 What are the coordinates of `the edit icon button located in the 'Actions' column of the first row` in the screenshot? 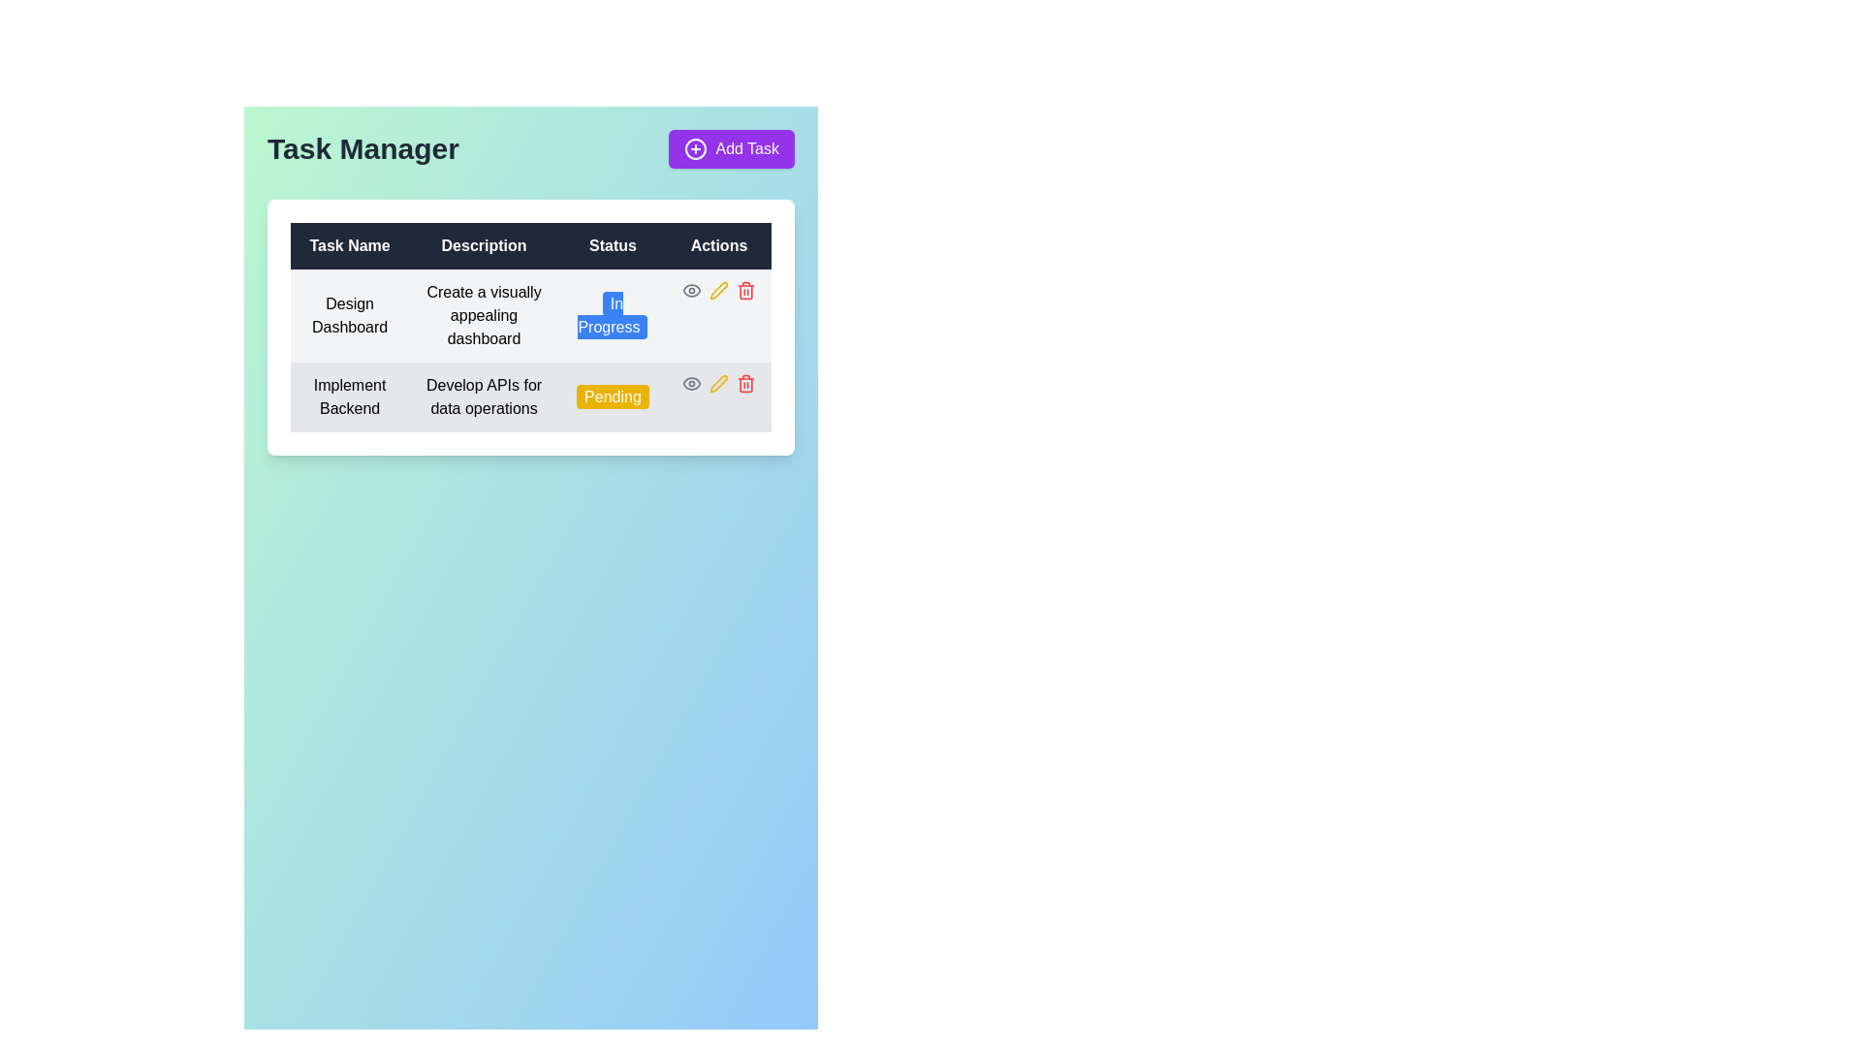 It's located at (717, 384).